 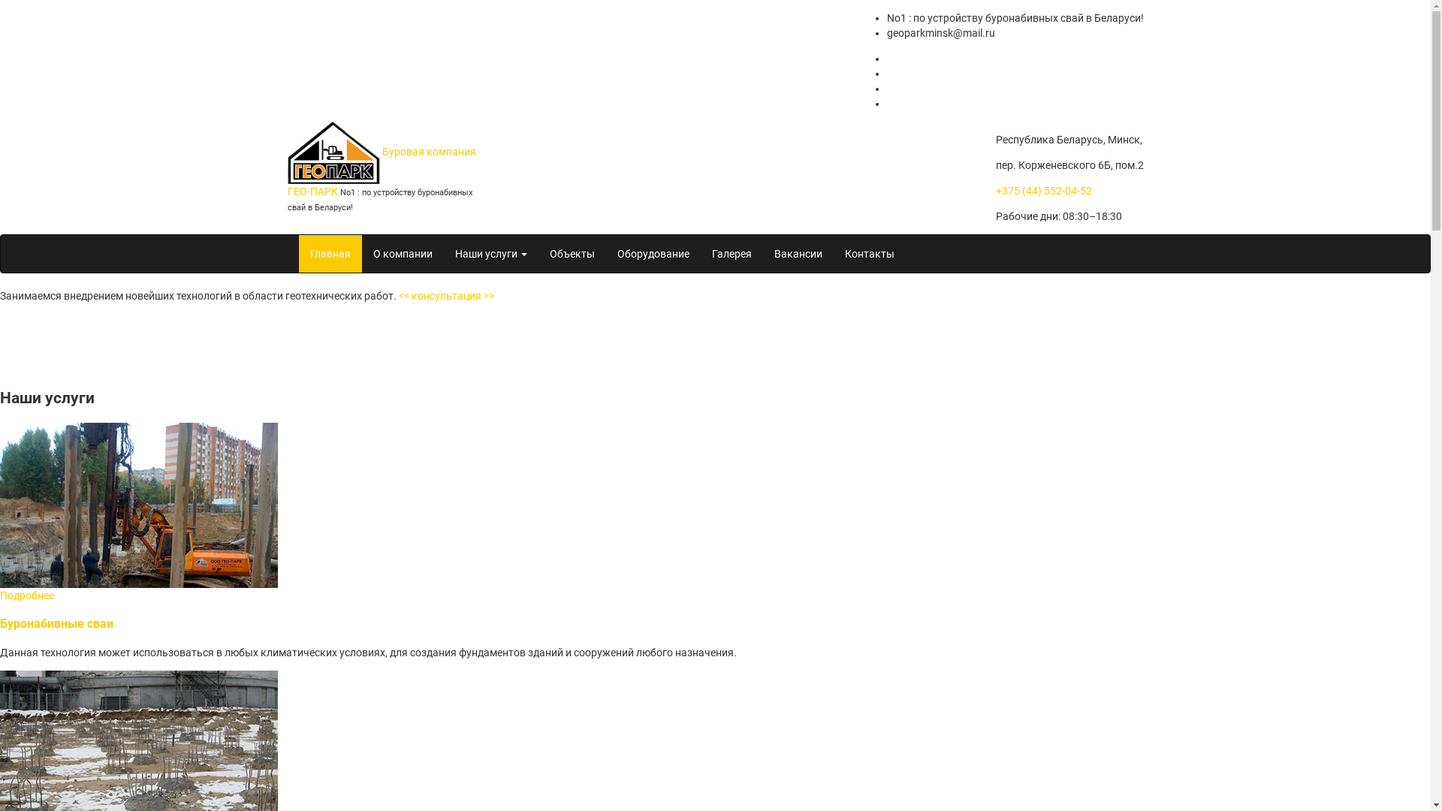 I want to click on '+375 (44) 552-04-52', so click(x=1043, y=190).